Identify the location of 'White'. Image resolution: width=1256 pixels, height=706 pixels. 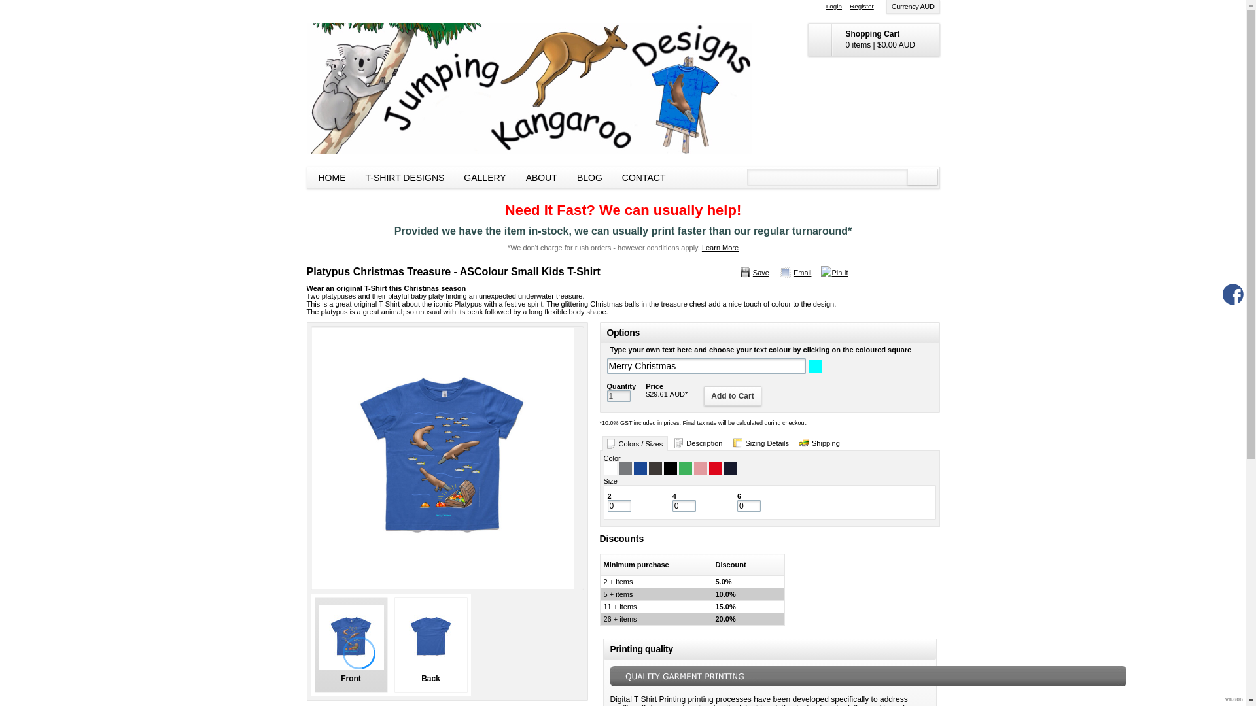
(608, 468).